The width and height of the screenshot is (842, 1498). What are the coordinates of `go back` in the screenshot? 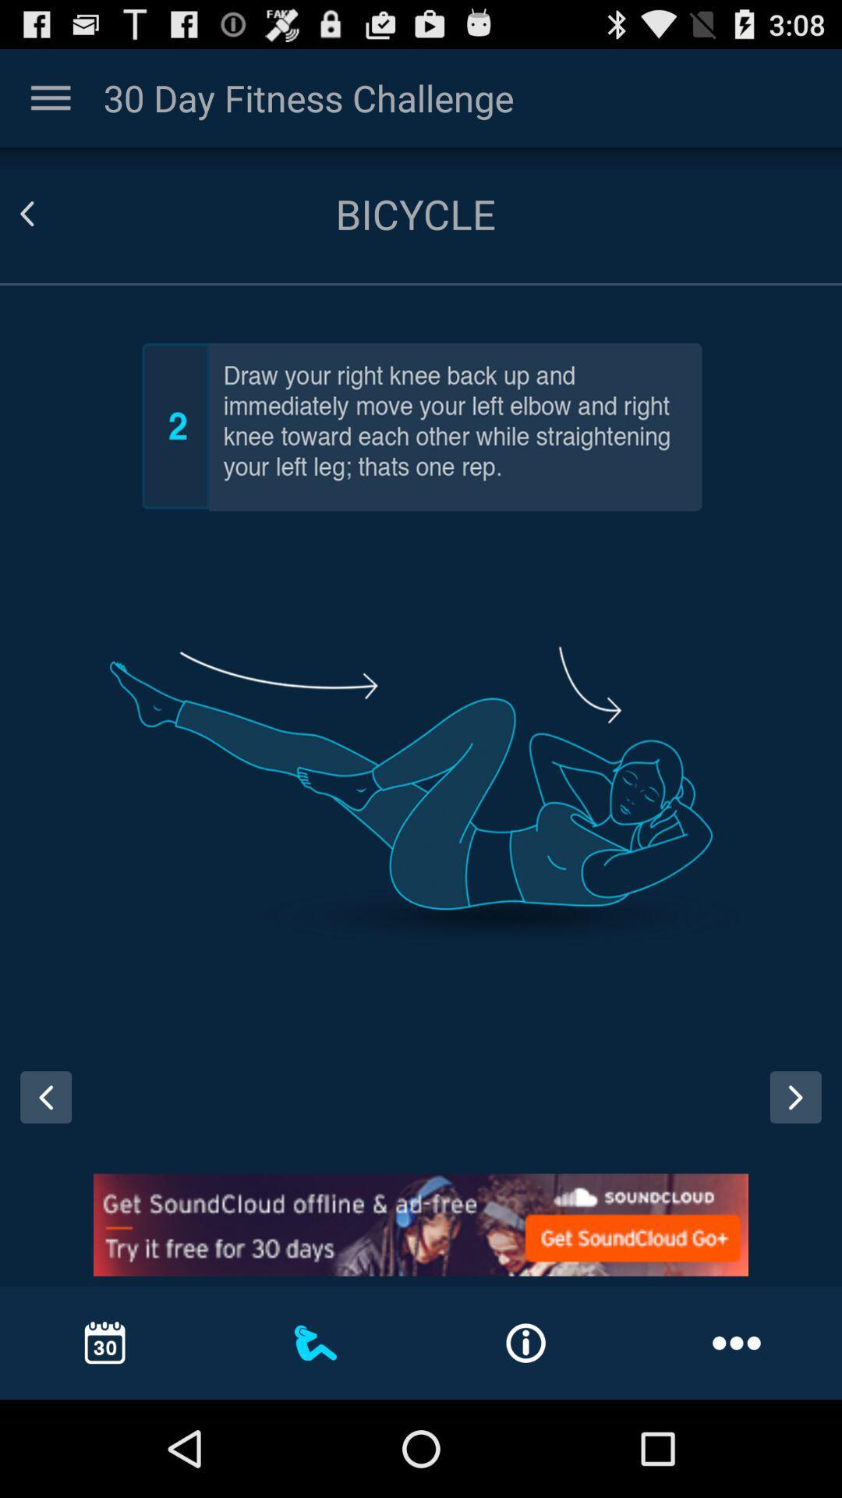 It's located at (40, 1111).